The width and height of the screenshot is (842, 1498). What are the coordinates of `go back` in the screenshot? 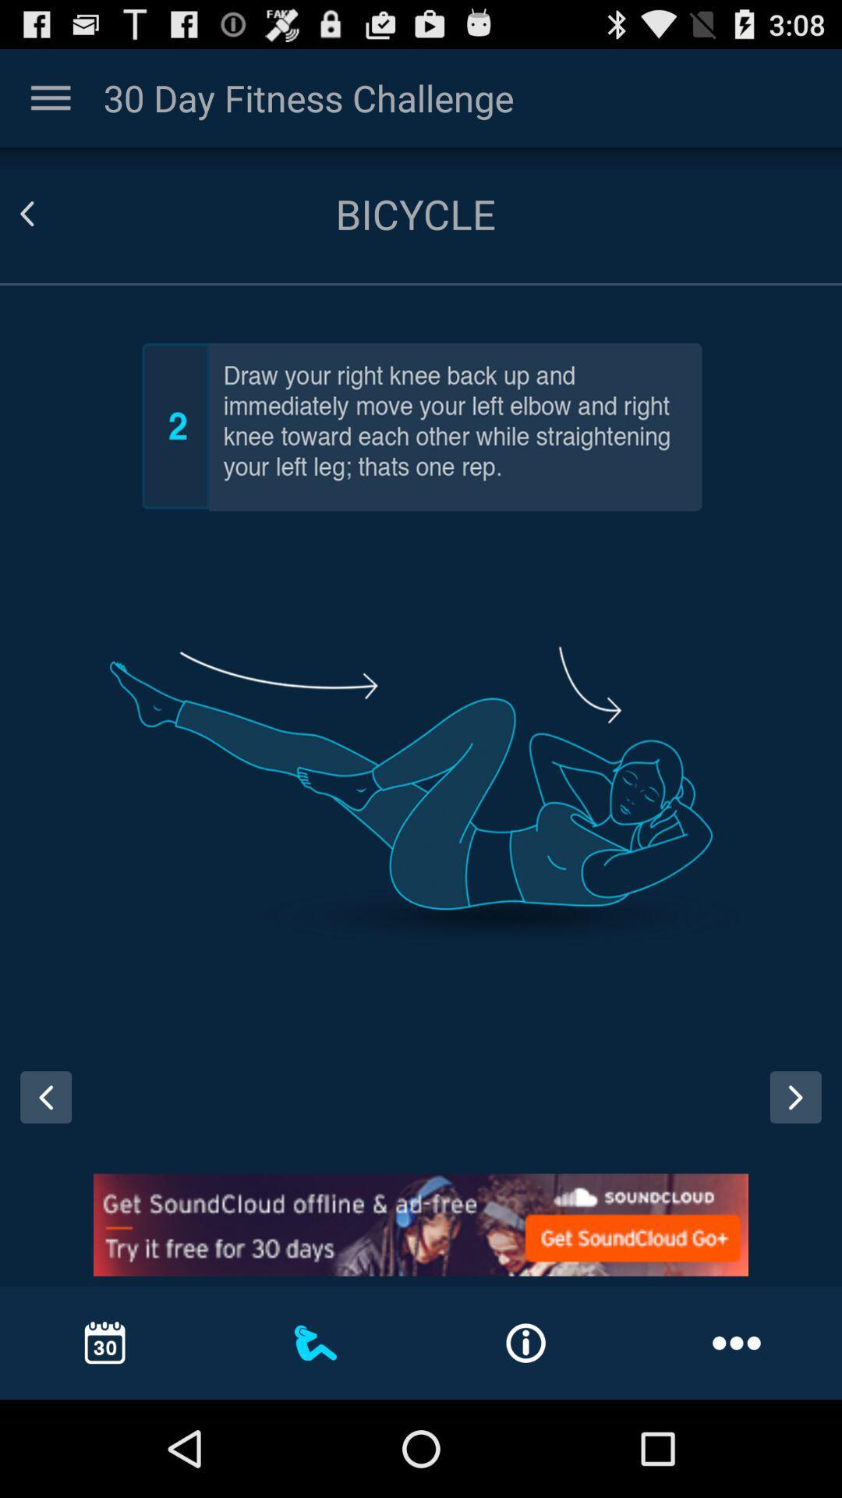 It's located at (40, 1111).